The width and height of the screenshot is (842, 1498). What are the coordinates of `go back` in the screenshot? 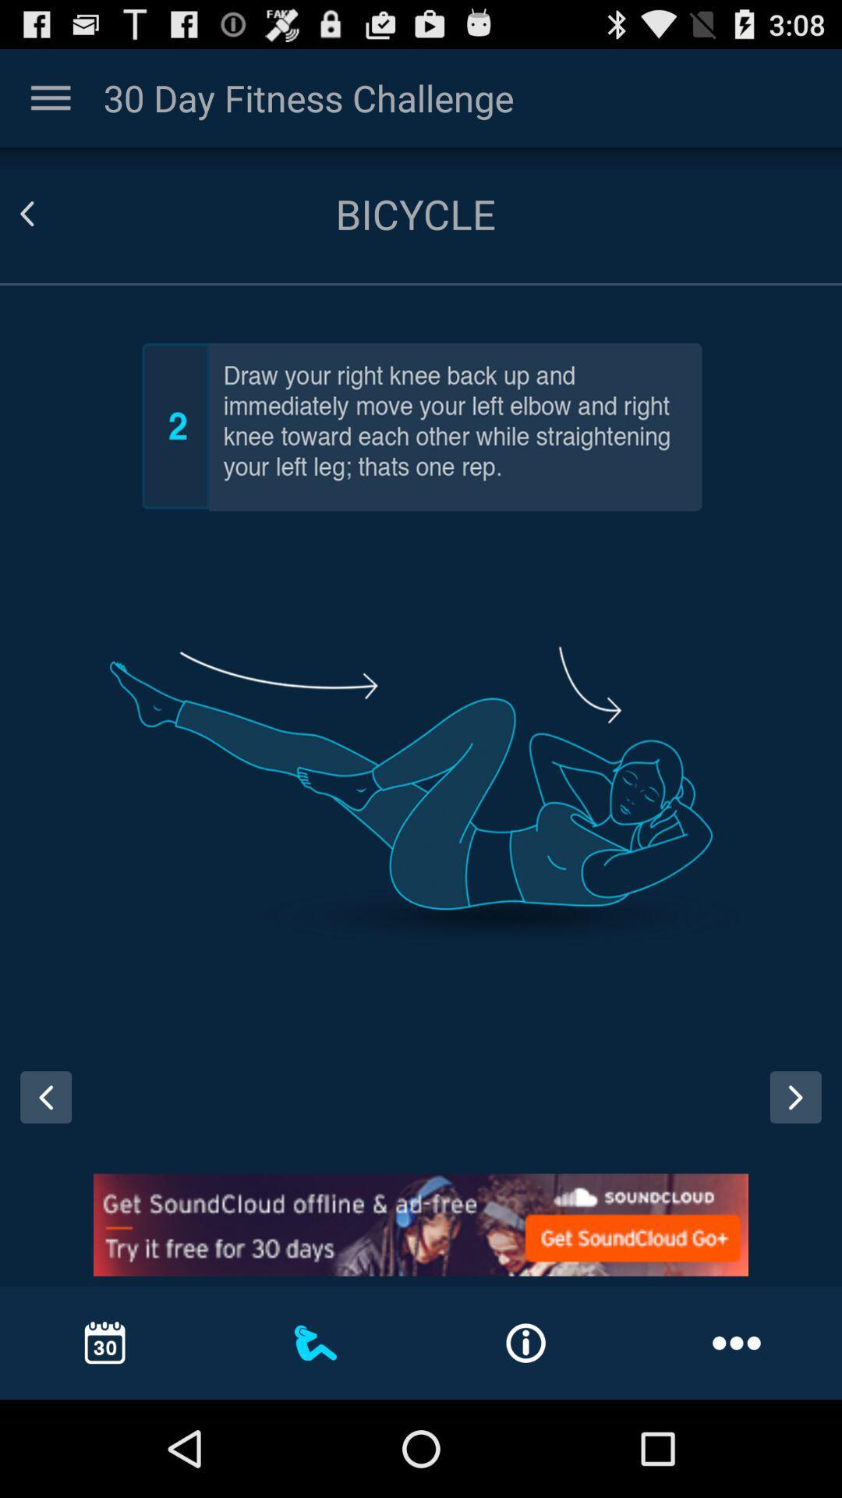 It's located at (40, 1111).